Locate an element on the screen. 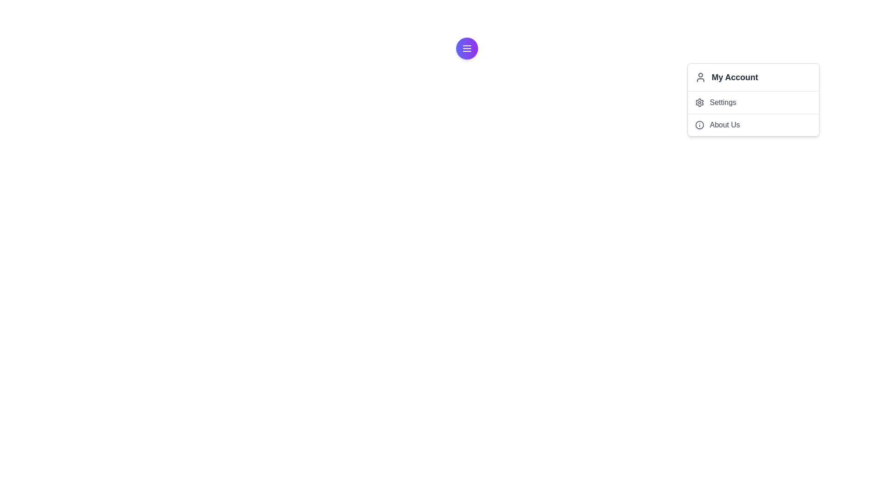 The height and width of the screenshot is (495, 881). the circular button with a gradient background and a menu icon in the center is located at coordinates (467, 48).